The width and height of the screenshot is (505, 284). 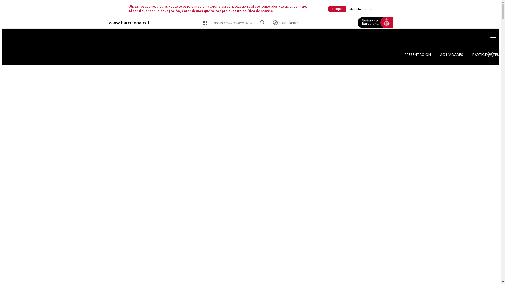 What do you see at coordinates (485, 55) in the screenshot?
I see `'PARTICIPANTES'` at bounding box center [485, 55].